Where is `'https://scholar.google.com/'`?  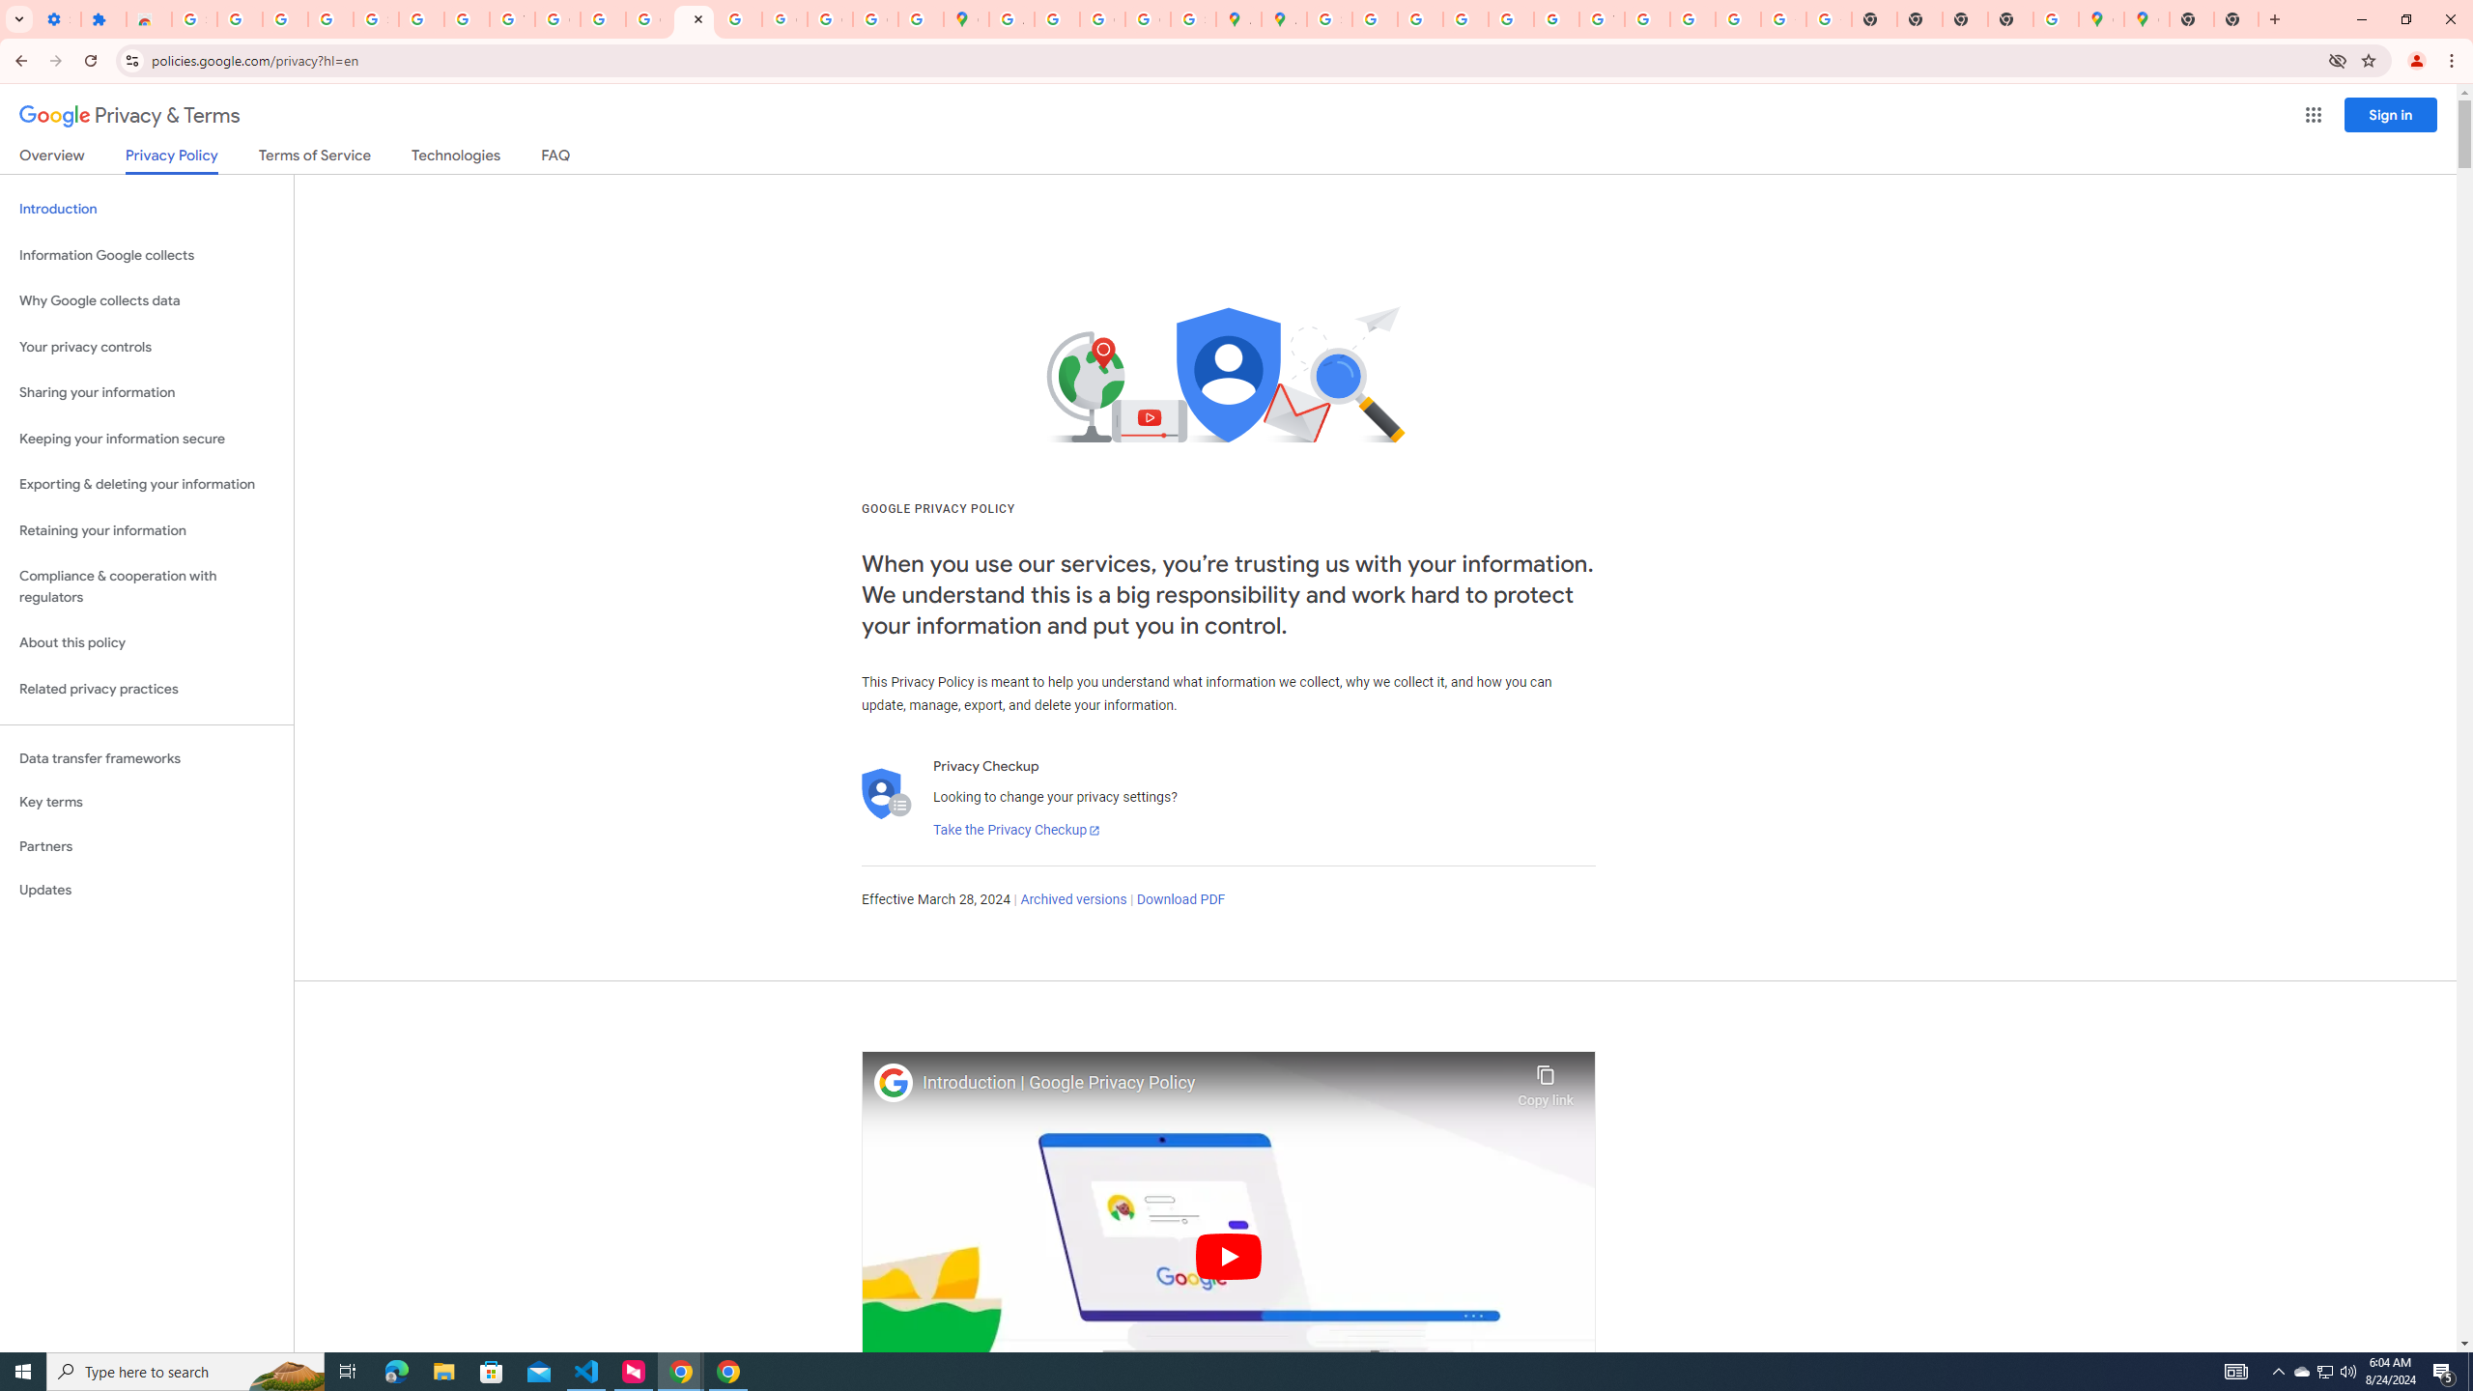
'https://scholar.google.com/' is located at coordinates (602, 18).